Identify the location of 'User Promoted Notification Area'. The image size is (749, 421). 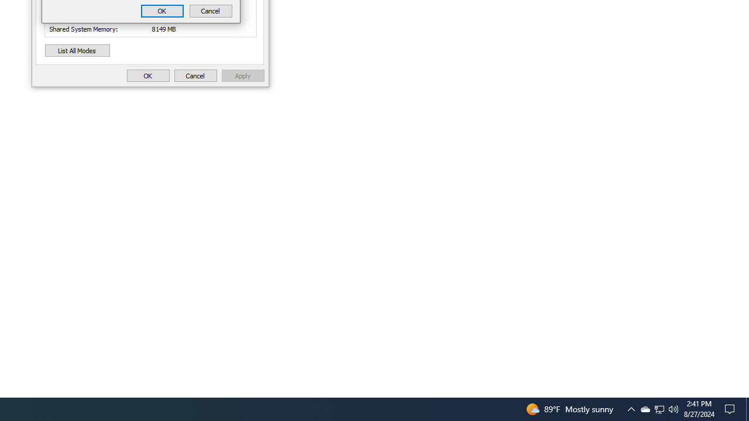
(659, 408).